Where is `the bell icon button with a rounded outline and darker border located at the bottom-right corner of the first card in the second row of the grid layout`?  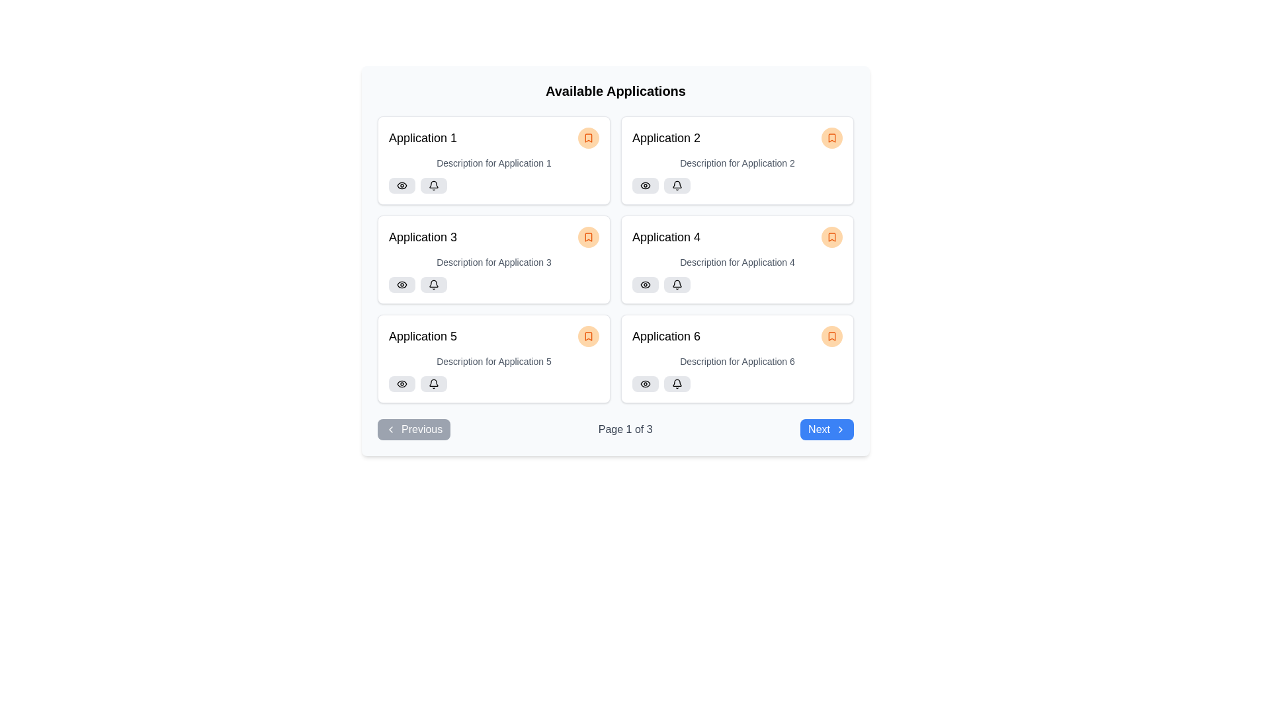 the bell icon button with a rounded outline and darker border located at the bottom-right corner of the first card in the second row of the grid layout is located at coordinates (677, 284).